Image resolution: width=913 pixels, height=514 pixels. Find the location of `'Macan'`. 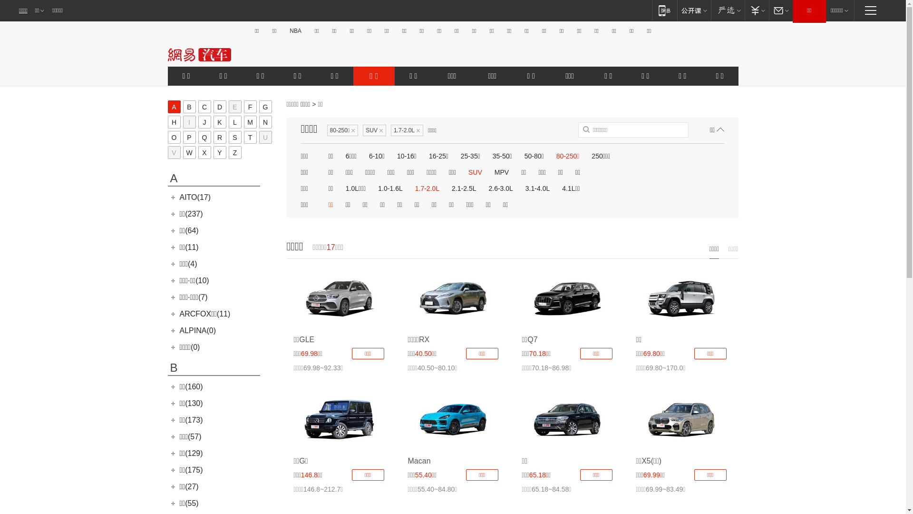

'Macan' is located at coordinates (419, 460).